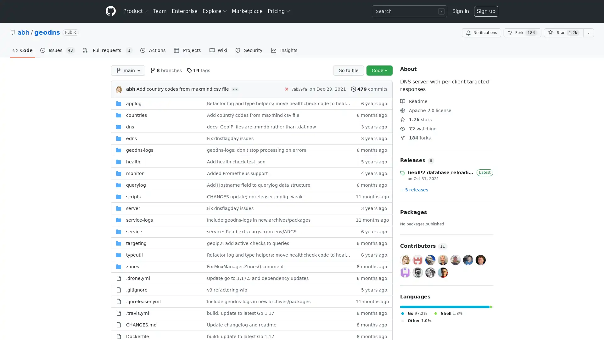  Describe the element at coordinates (235, 89) in the screenshot. I see `...` at that location.